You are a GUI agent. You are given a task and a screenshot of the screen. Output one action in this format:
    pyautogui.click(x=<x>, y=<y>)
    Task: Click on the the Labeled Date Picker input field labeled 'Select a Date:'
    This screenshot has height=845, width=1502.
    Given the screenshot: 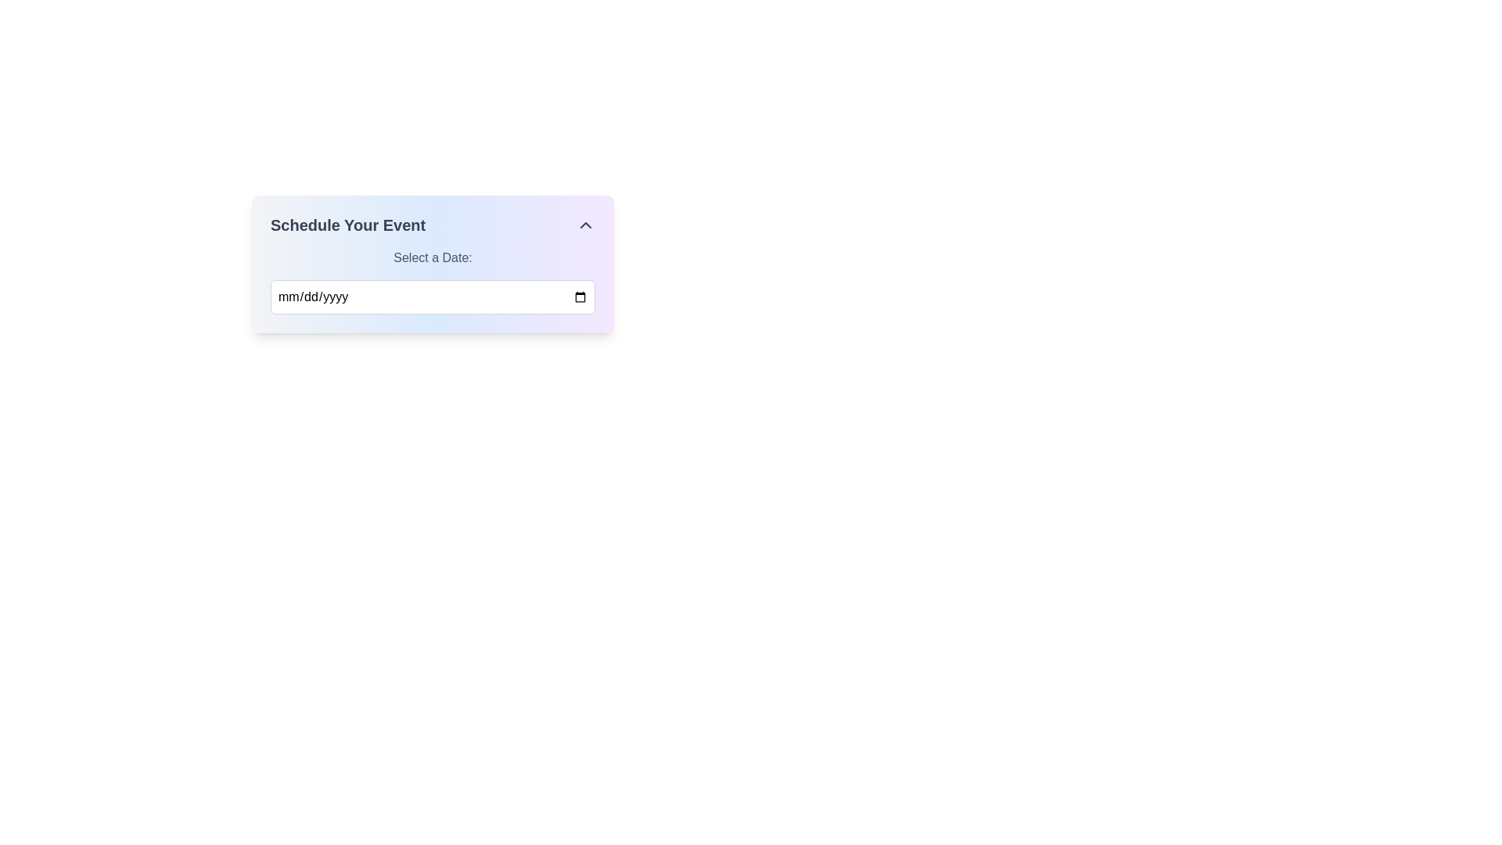 What is the action you would take?
    pyautogui.click(x=433, y=280)
    